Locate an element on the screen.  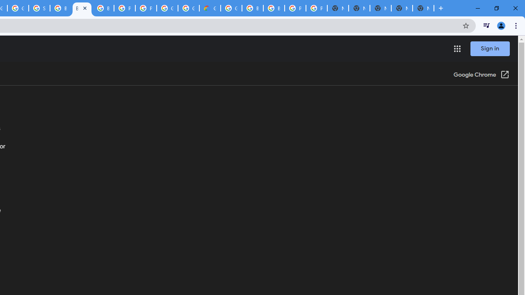
'Google Chrome (Open in a new window)' is located at coordinates (481, 75).